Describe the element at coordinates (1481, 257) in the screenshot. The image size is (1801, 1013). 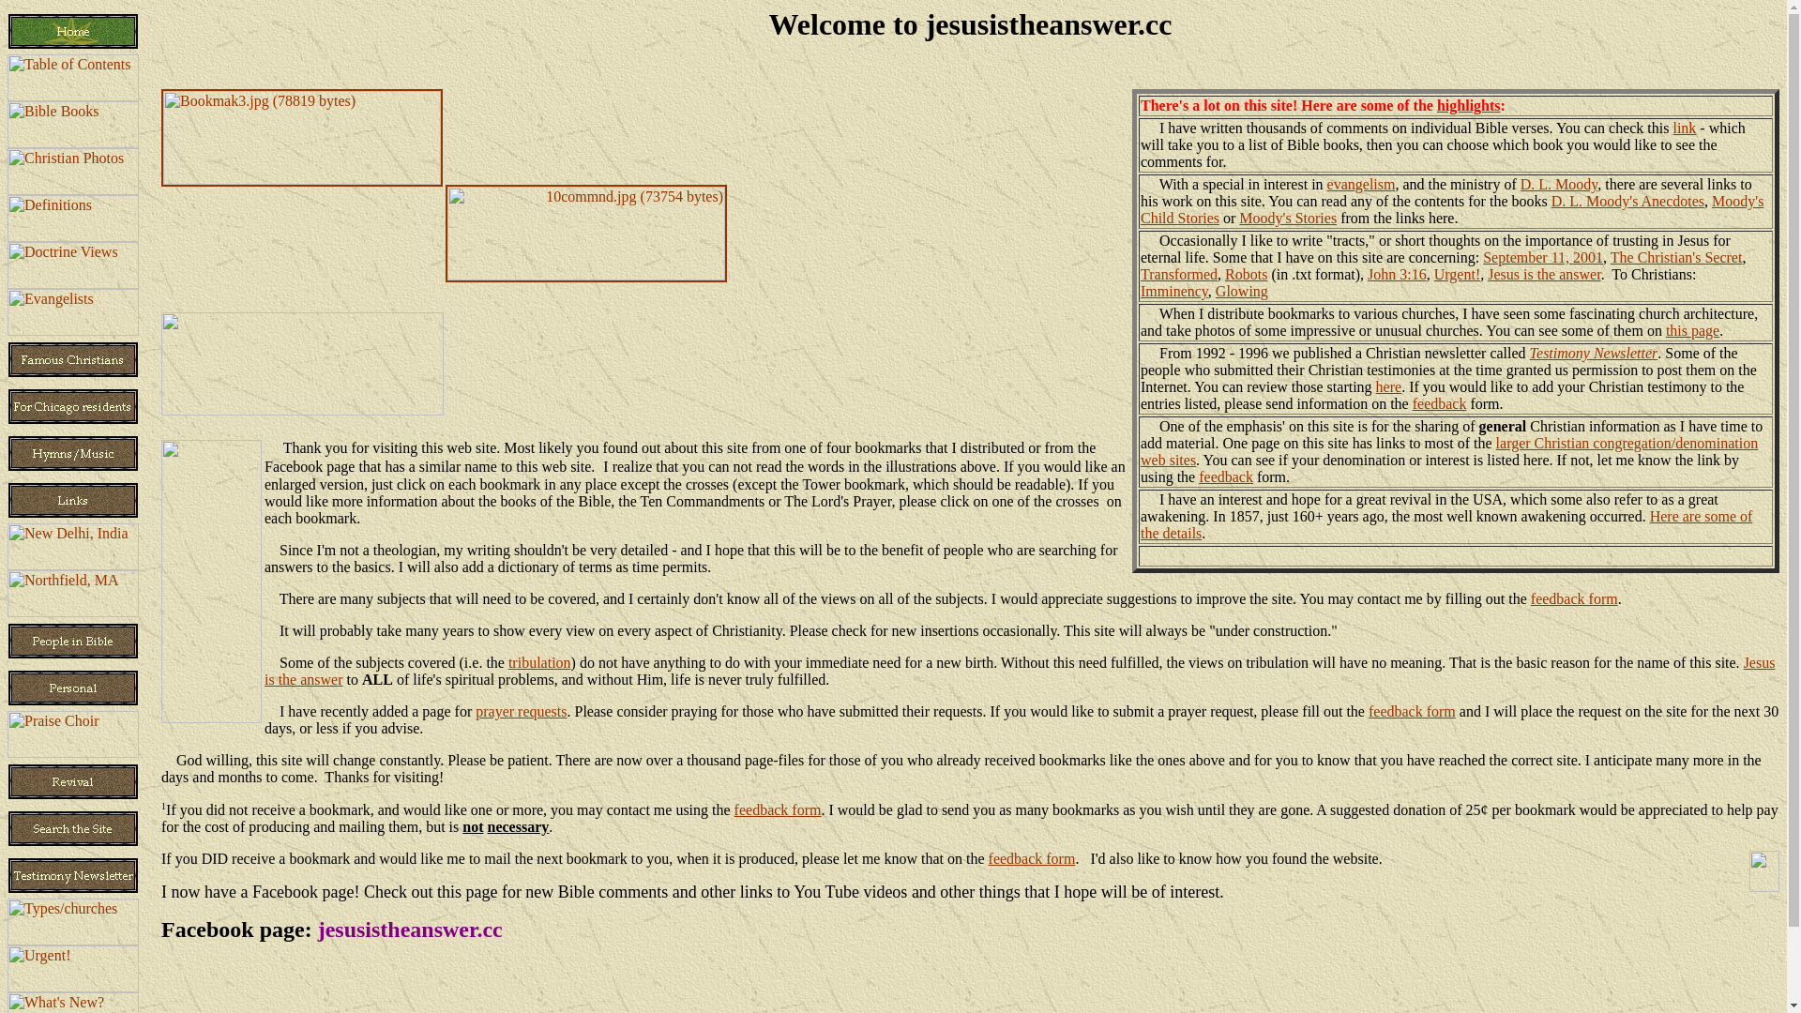
I see `'September 11, 2001'` at that location.